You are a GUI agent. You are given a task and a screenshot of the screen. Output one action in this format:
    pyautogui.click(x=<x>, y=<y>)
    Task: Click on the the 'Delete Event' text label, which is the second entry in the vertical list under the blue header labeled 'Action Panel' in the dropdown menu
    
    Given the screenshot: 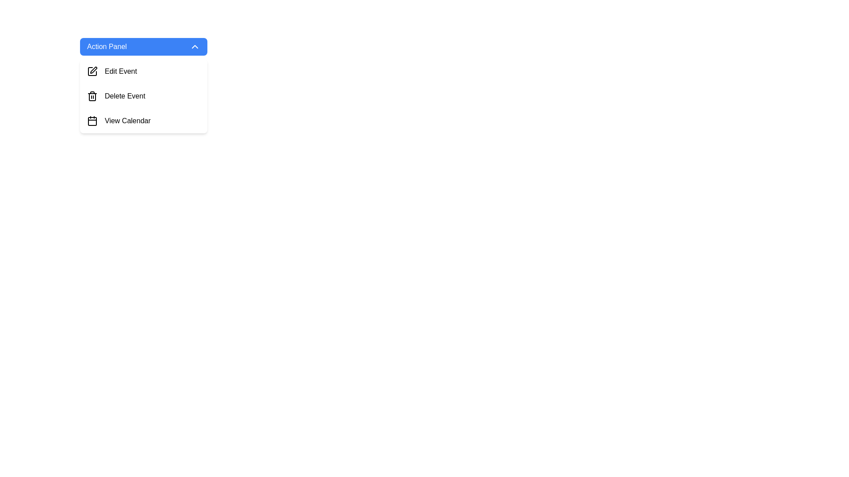 What is the action you would take?
    pyautogui.click(x=124, y=96)
    